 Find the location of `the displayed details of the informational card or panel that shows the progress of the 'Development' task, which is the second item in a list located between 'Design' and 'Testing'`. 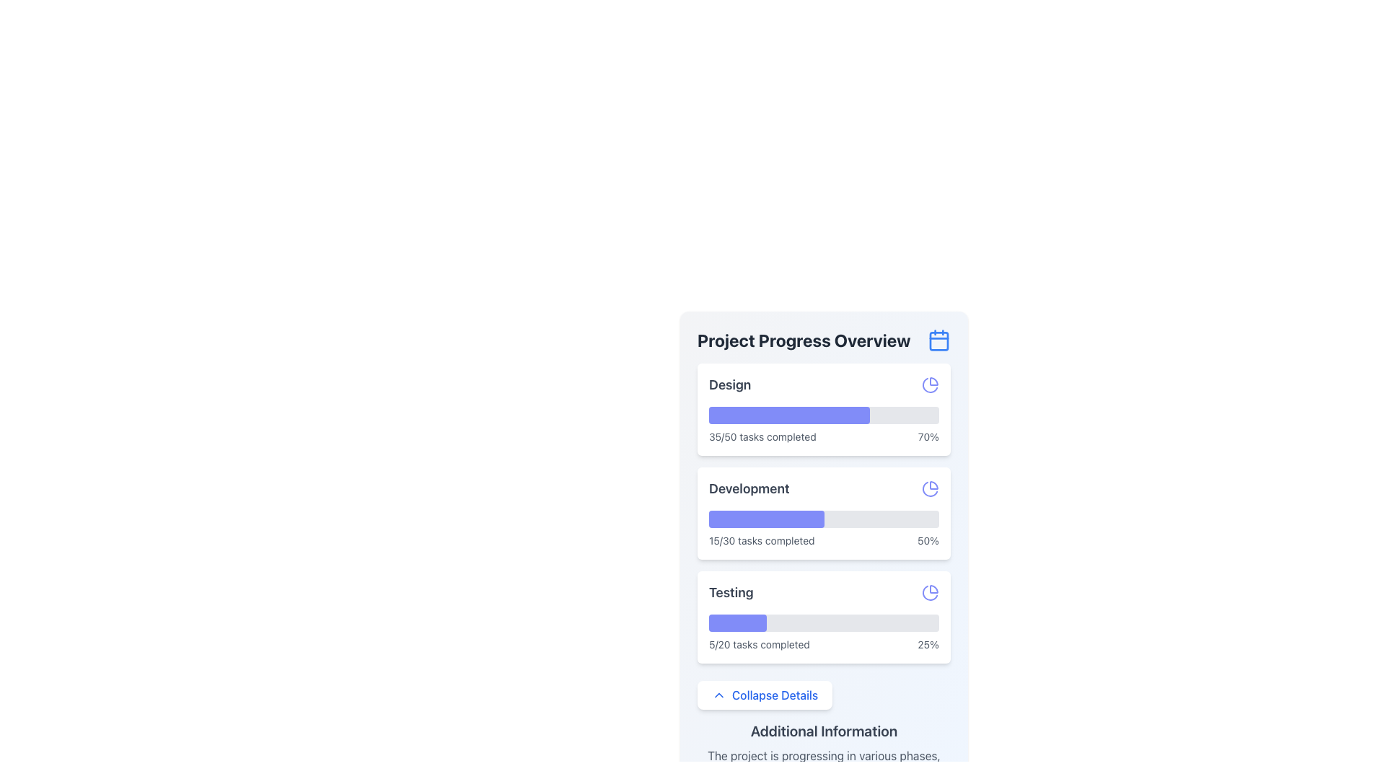

the displayed details of the informational card or panel that shows the progress of the 'Development' task, which is the second item in a list located between 'Design' and 'Testing' is located at coordinates (824, 513).